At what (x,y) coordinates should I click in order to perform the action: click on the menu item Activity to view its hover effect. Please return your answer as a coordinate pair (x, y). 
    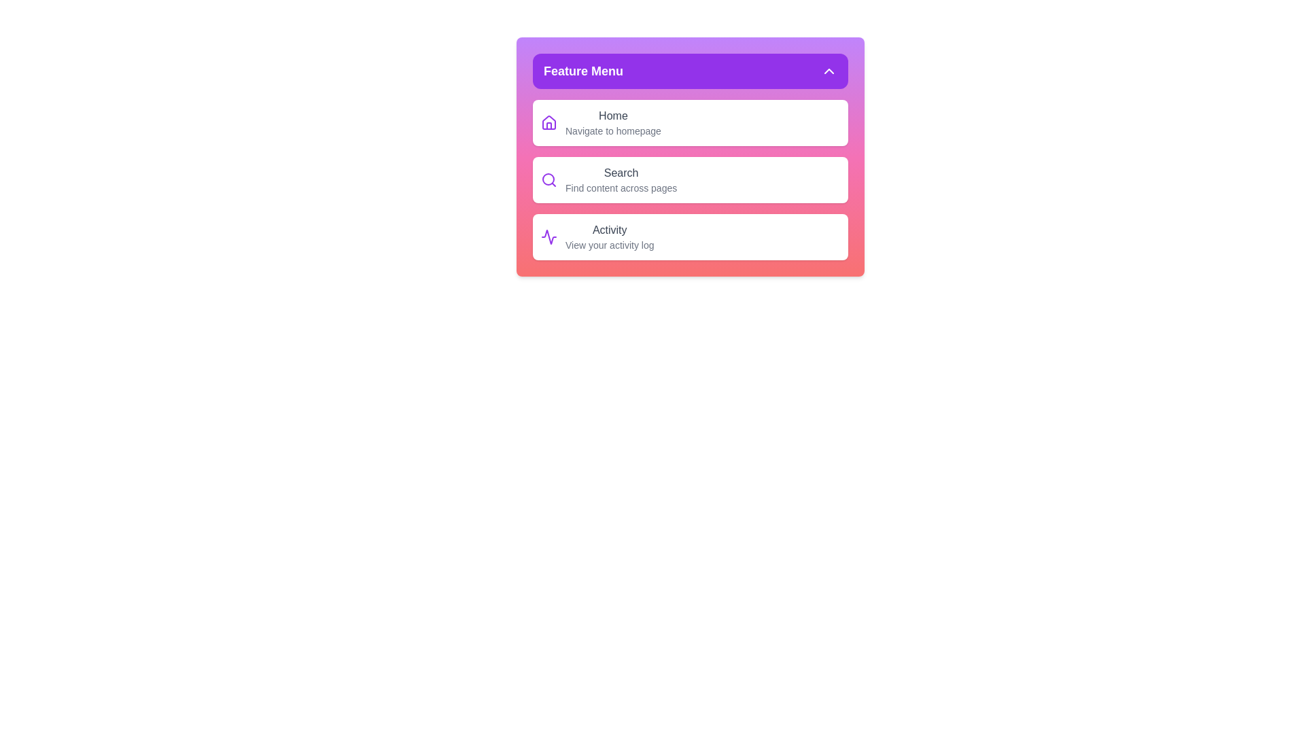
    Looking at the image, I should click on (691, 236).